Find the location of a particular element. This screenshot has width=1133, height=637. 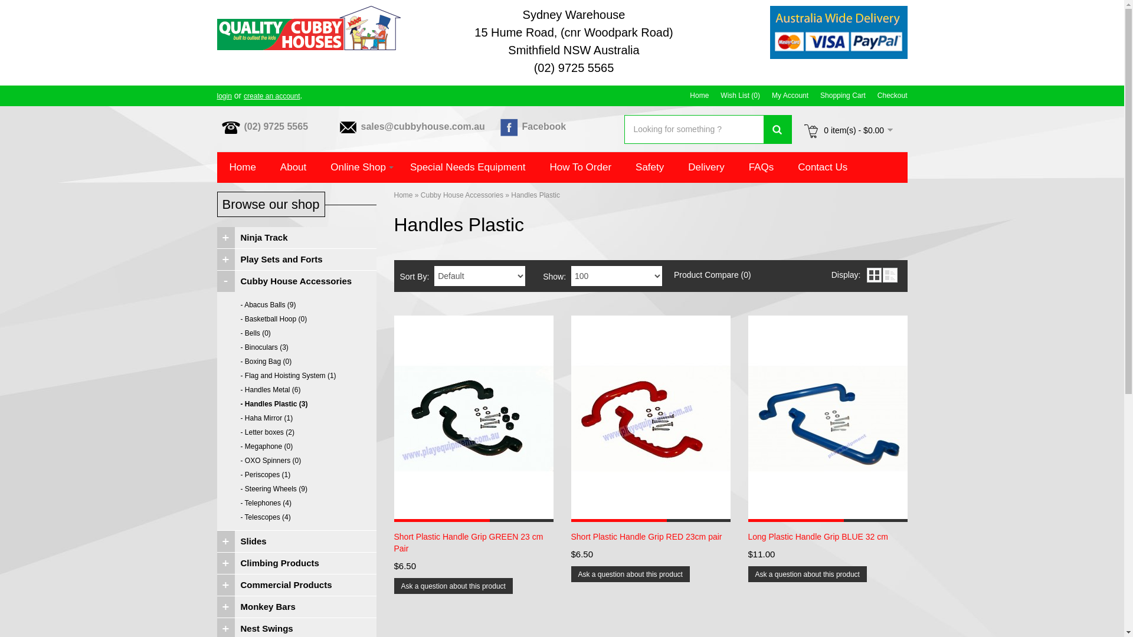

'How To Order' is located at coordinates (538, 168).